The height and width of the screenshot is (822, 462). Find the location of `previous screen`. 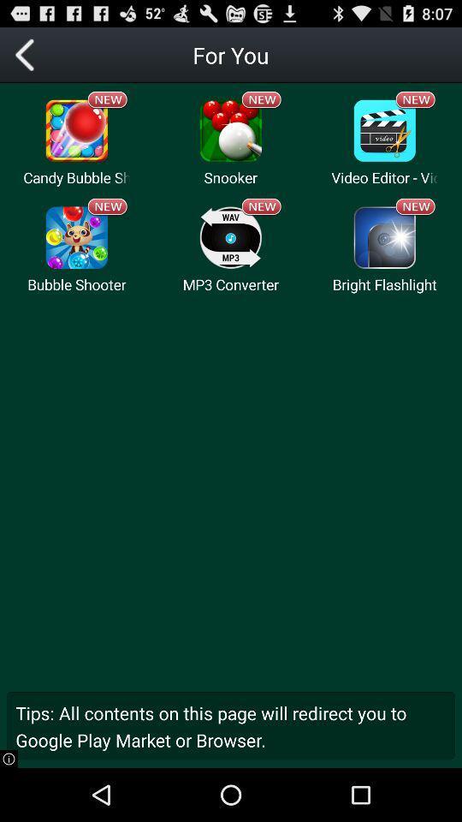

previous screen is located at coordinates (27, 55).